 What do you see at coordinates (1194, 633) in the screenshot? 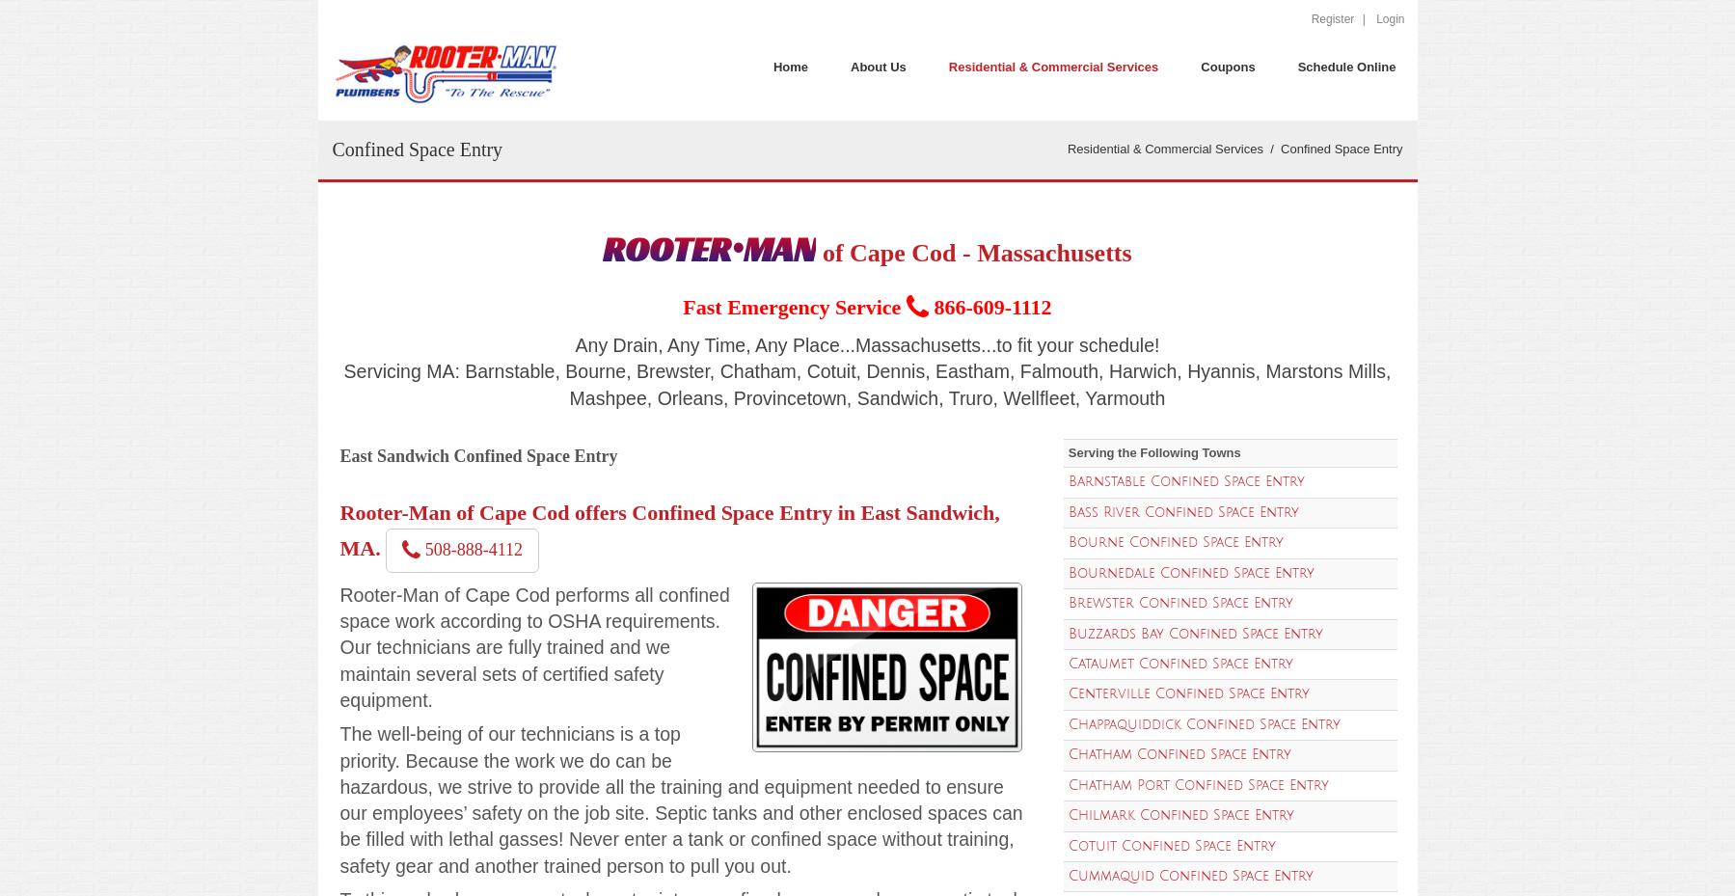
I see `'Buzzards Bay Confined Space Entry'` at bounding box center [1194, 633].